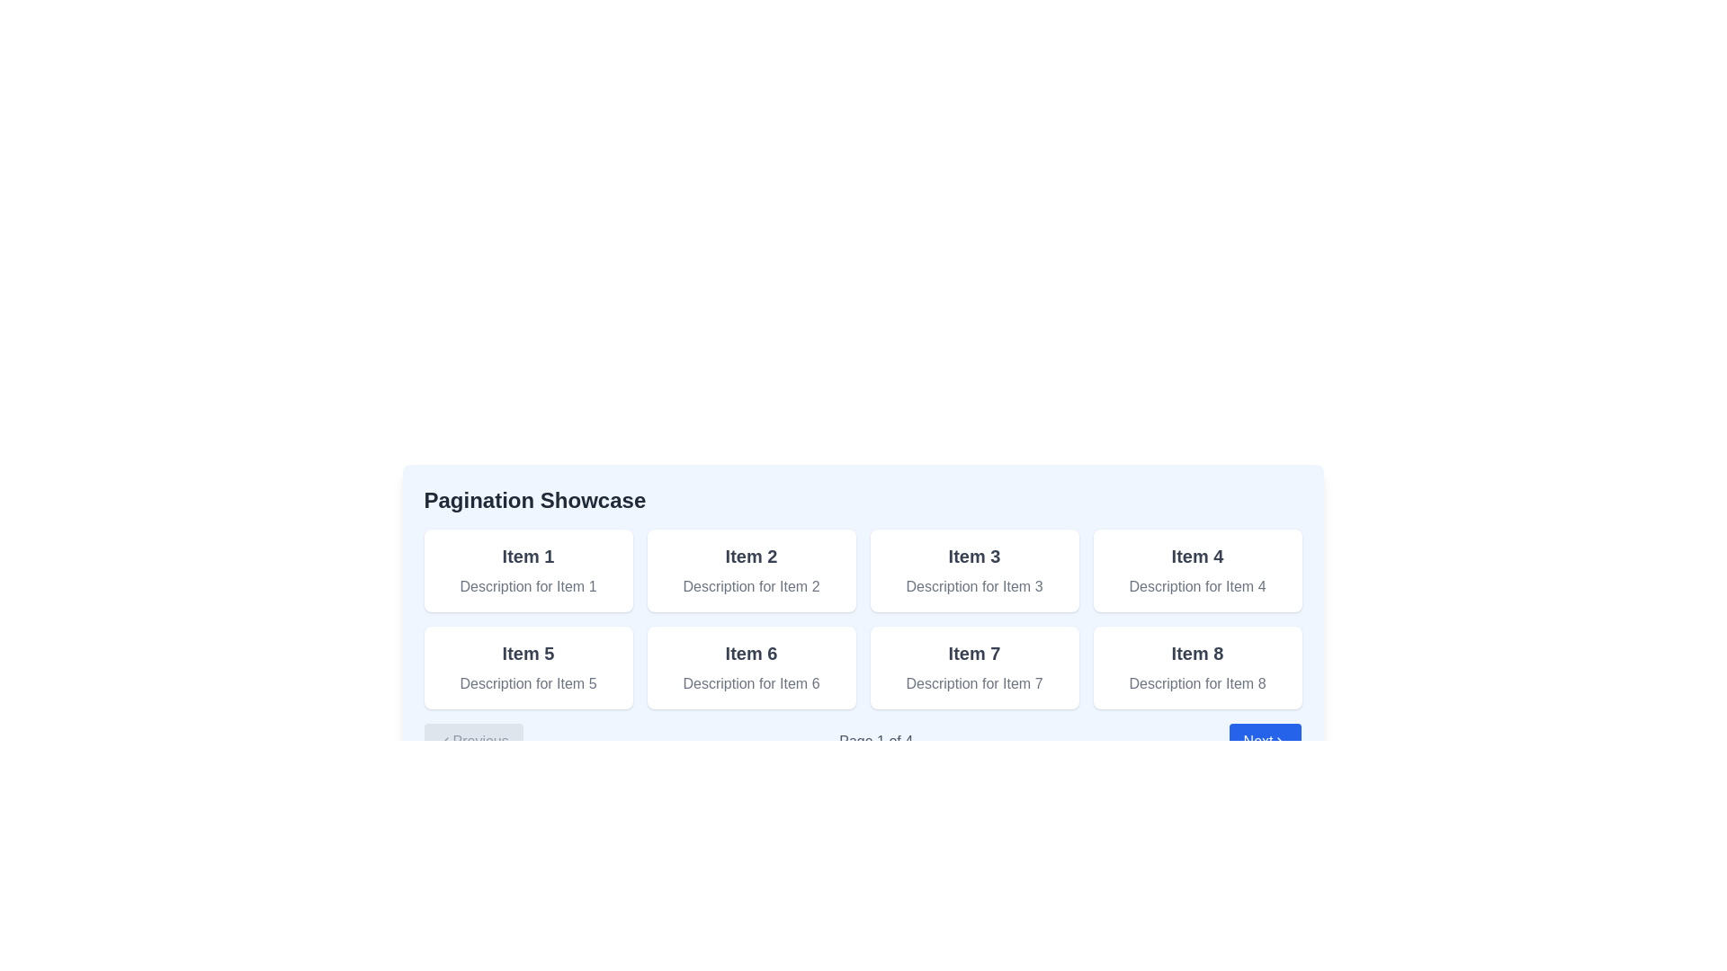 The height and width of the screenshot is (971, 1727). What do you see at coordinates (473, 742) in the screenshot?
I see `the button located in the bottom-left corner of the pagination section, adjacent to the text 'Page 1 of 4'` at bounding box center [473, 742].